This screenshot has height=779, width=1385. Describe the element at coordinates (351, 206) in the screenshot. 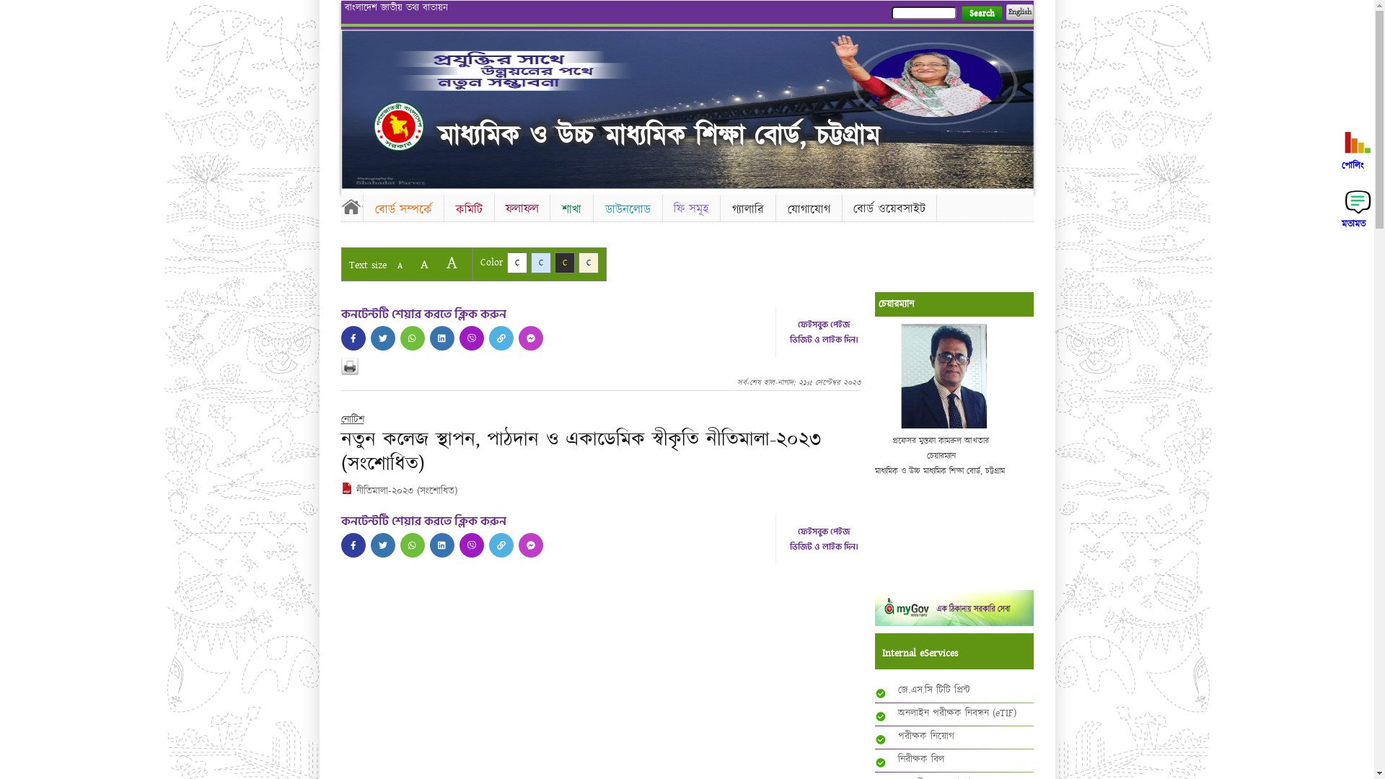

I see `'Home'` at that location.